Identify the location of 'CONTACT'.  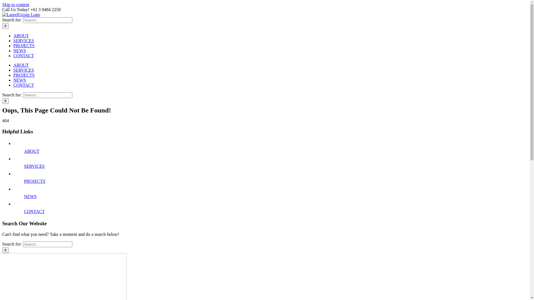
(23, 56).